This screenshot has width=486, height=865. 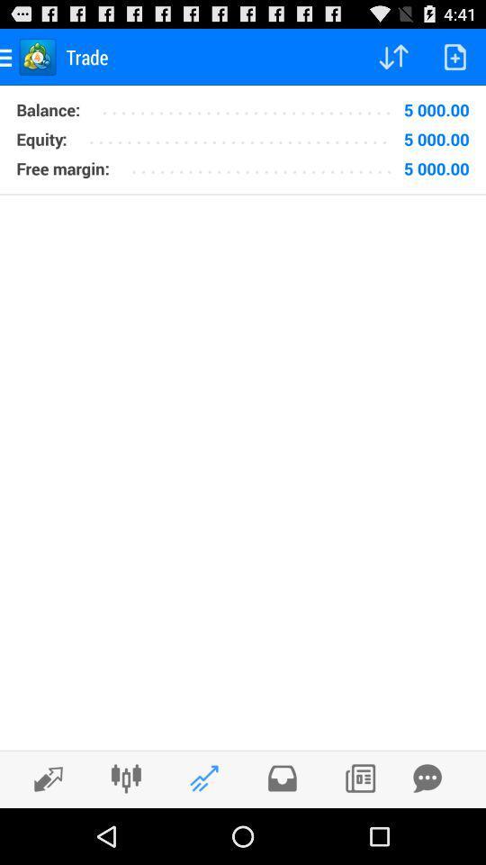 What do you see at coordinates (360, 778) in the screenshot?
I see `look at news feed` at bounding box center [360, 778].